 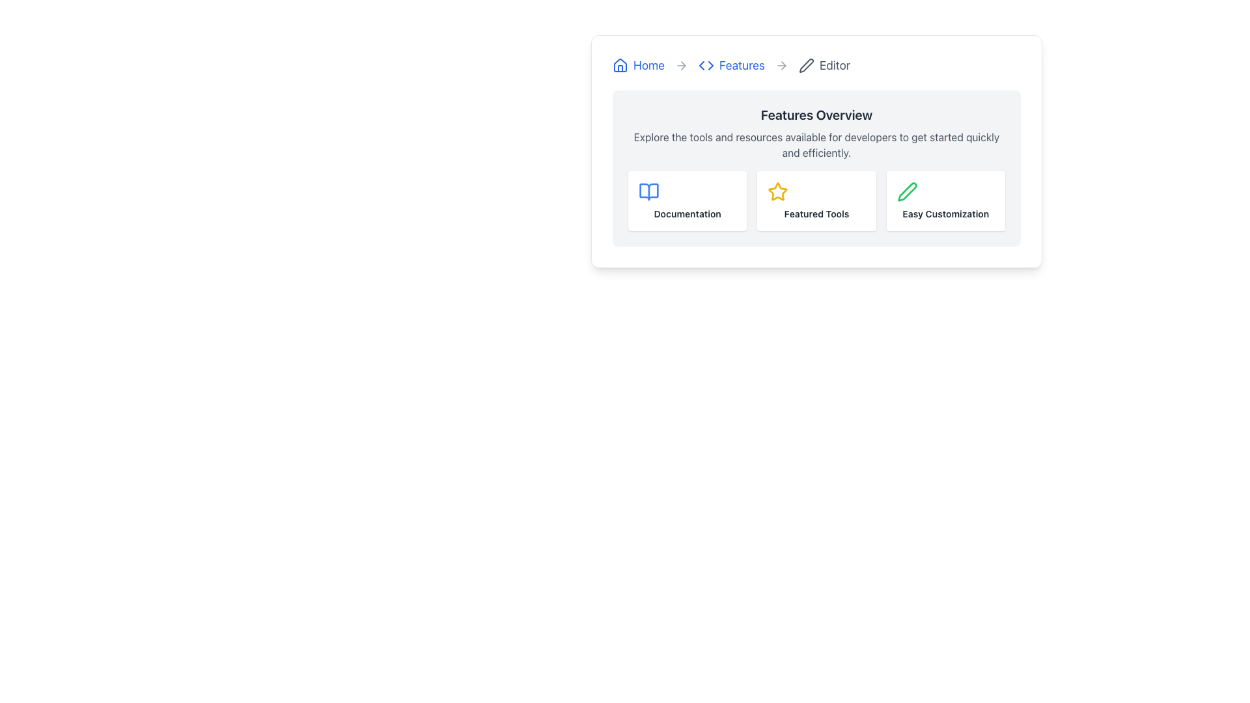 I want to click on the rightward arrow icon in the breadcrumb navigation, which serves as a visual indicator for navigation paths, so click(x=710, y=65).